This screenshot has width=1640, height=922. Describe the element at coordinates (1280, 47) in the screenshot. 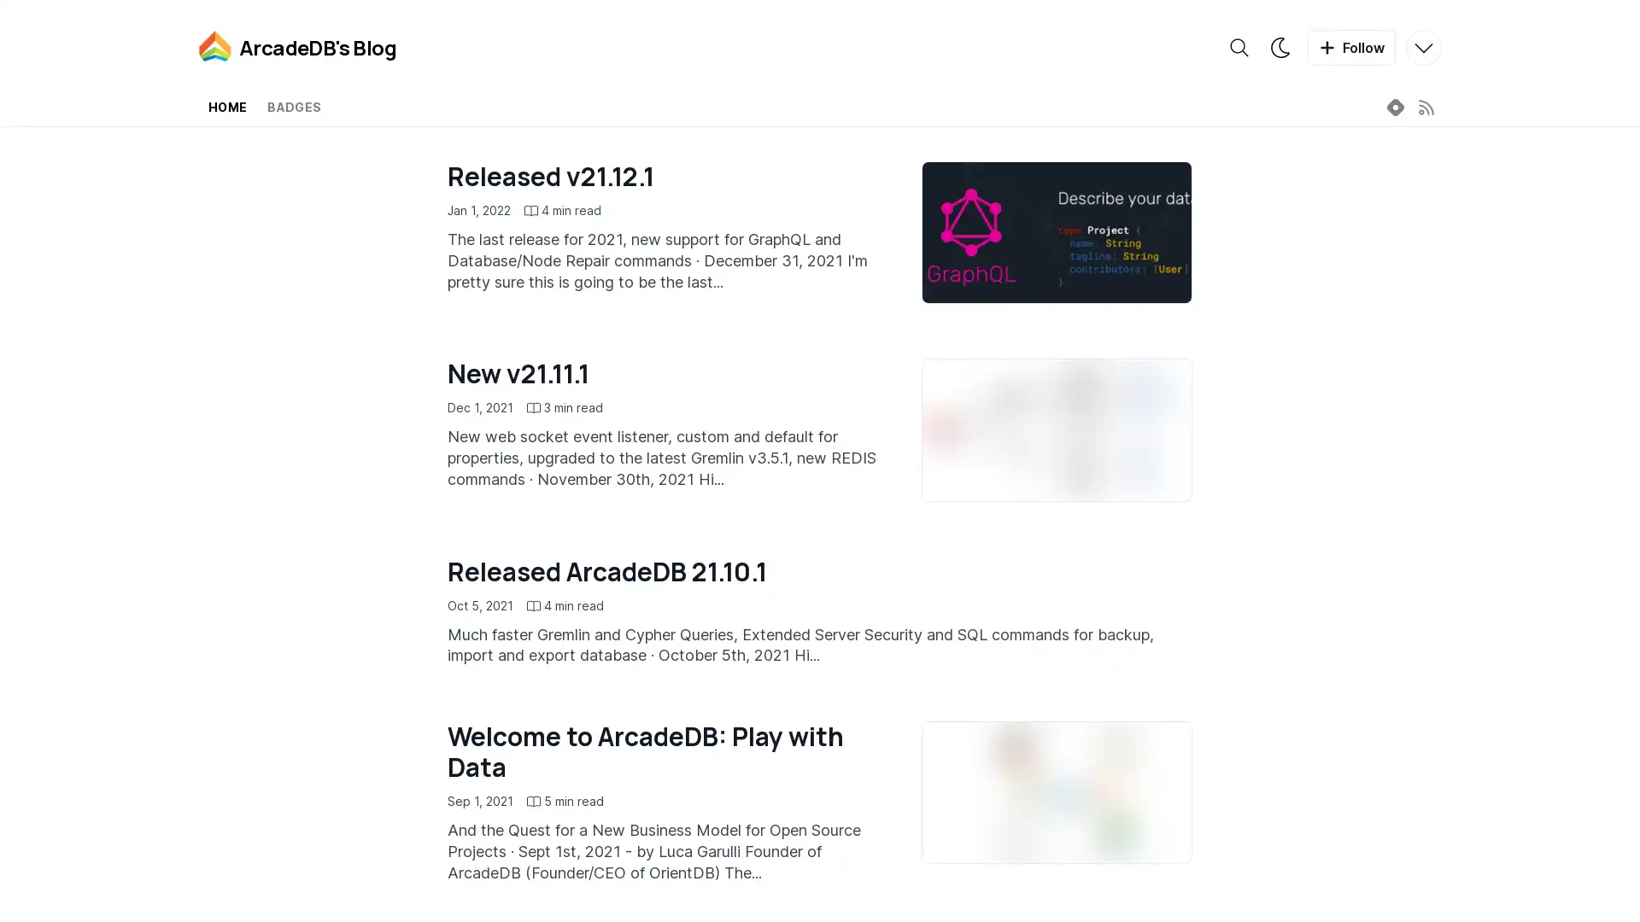

I see `Theme switcher` at that location.